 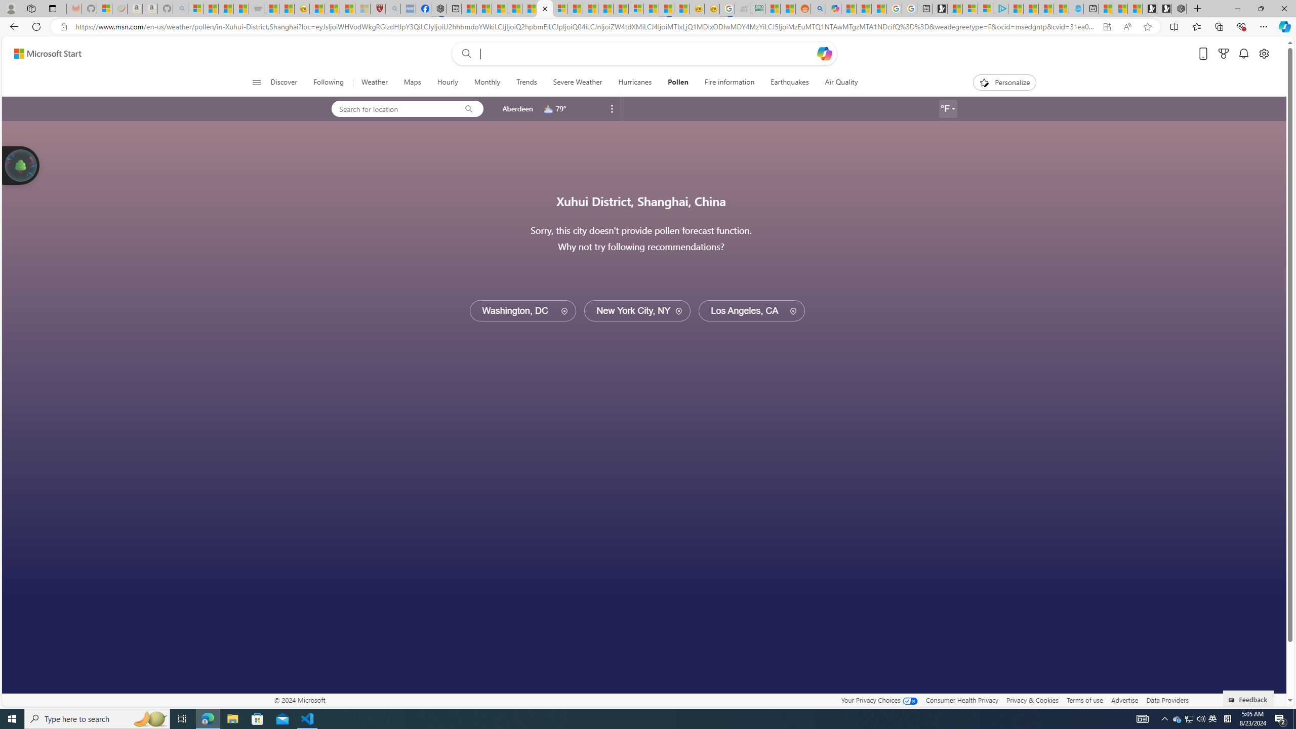 I want to click on 'Maps', so click(x=412, y=82).